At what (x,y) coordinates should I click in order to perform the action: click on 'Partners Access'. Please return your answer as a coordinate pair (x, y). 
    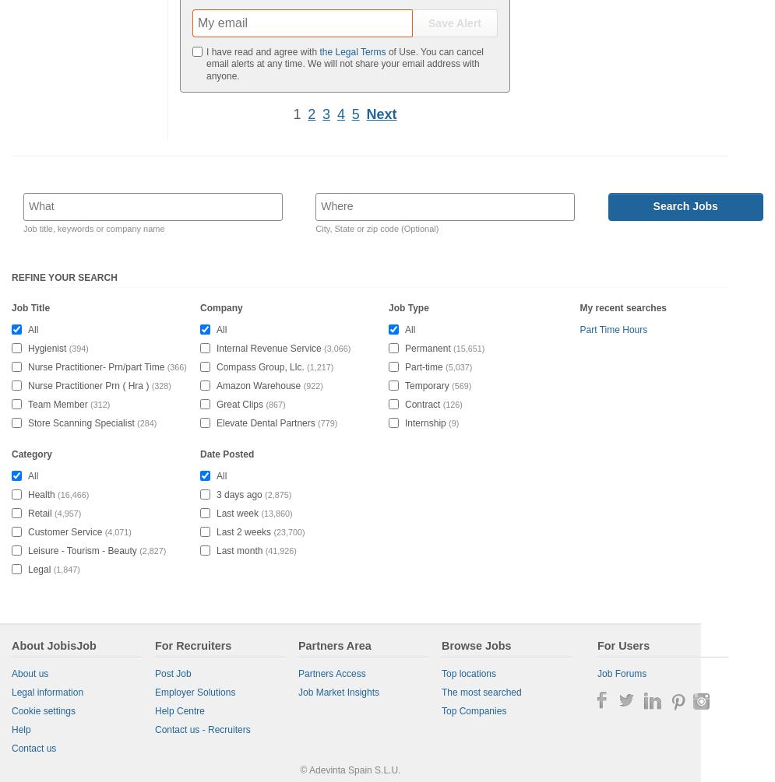
    Looking at the image, I should click on (297, 672).